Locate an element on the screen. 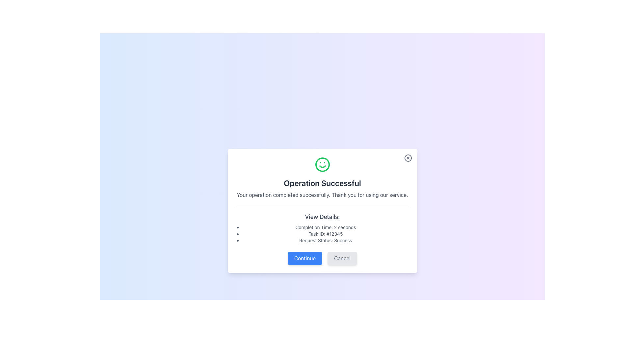 The image size is (632, 355). success message displayed as a bold text component saying 'Operation Successful', located in the centered modal window below the green smiley icon is located at coordinates (322, 183).